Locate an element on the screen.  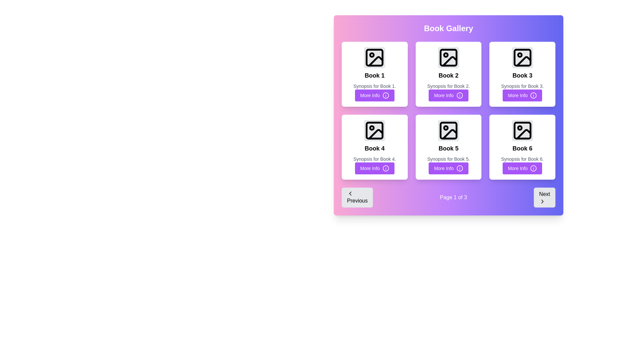
the decorative SVG circle component located within the image icon of the card labeled 'Book 4', positioned in the second row and first column of a 3x2 grid layout is located at coordinates (372, 128).